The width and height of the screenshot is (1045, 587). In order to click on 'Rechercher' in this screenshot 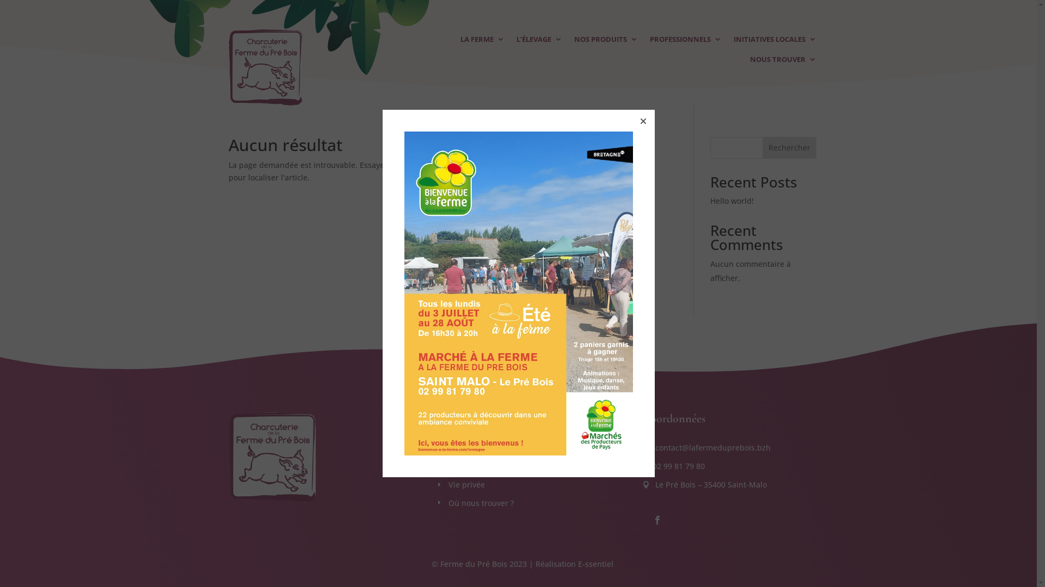, I will do `click(789, 148)`.